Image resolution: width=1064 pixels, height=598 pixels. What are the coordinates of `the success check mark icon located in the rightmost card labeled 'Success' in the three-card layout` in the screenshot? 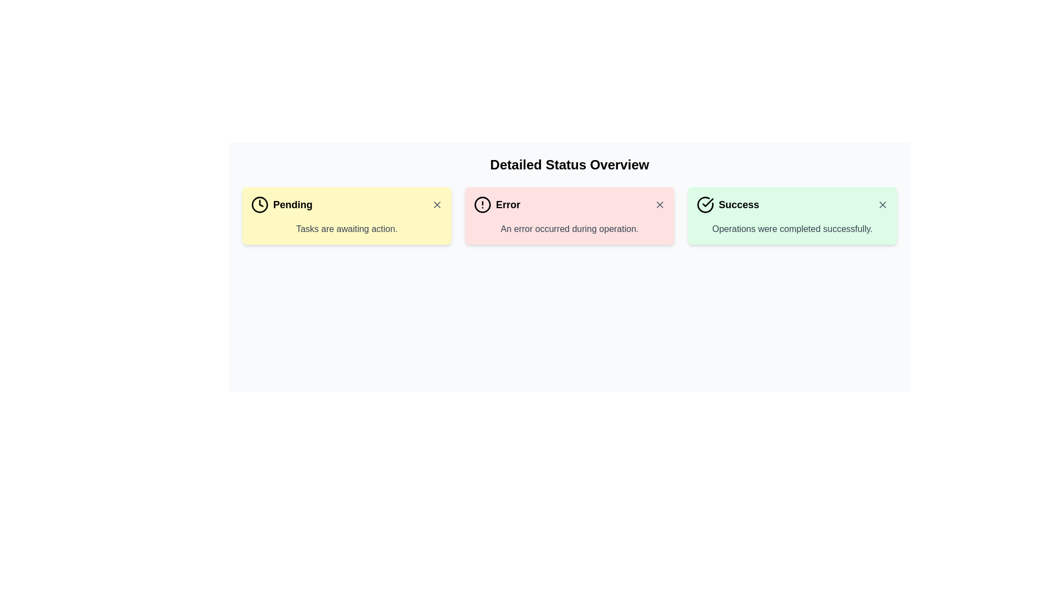 It's located at (707, 203).